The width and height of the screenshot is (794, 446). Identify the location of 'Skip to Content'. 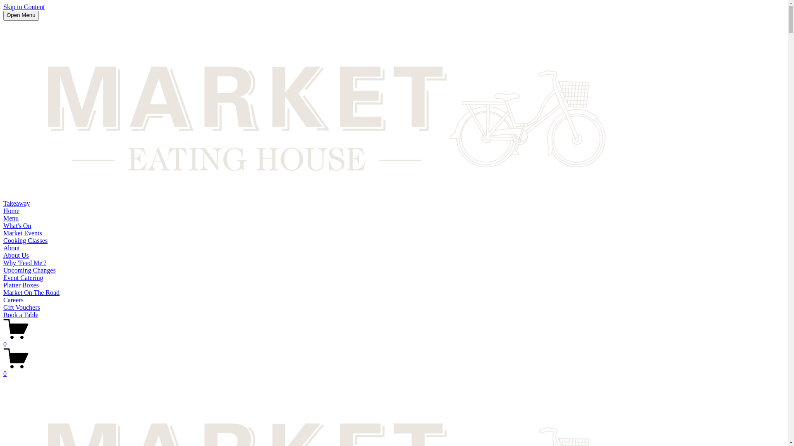
(3, 7).